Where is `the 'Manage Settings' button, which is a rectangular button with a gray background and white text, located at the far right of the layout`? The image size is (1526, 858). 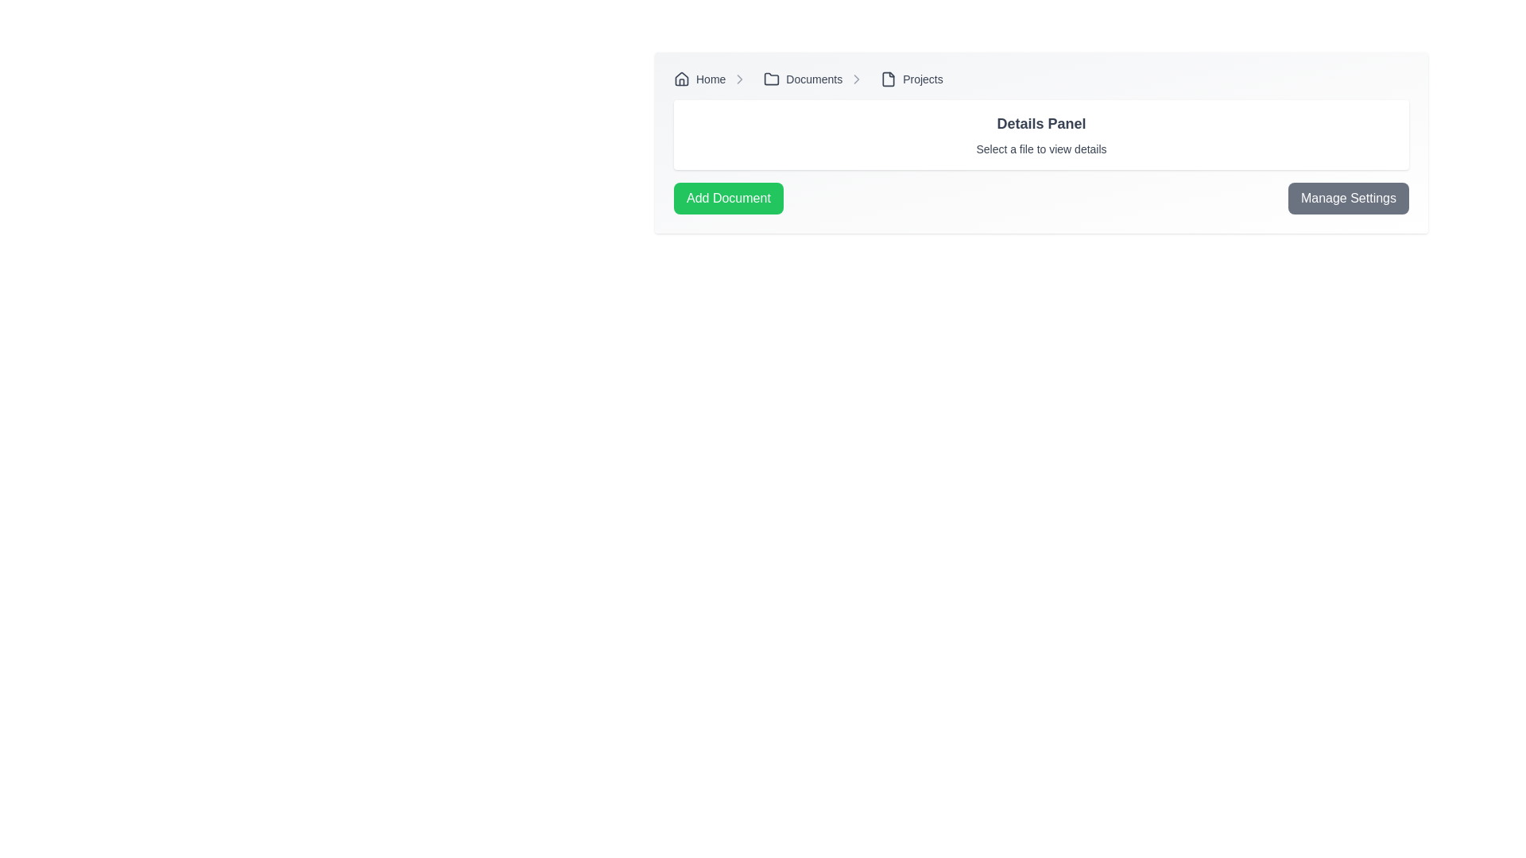 the 'Manage Settings' button, which is a rectangular button with a gray background and white text, located at the far right of the layout is located at coordinates (1347, 198).